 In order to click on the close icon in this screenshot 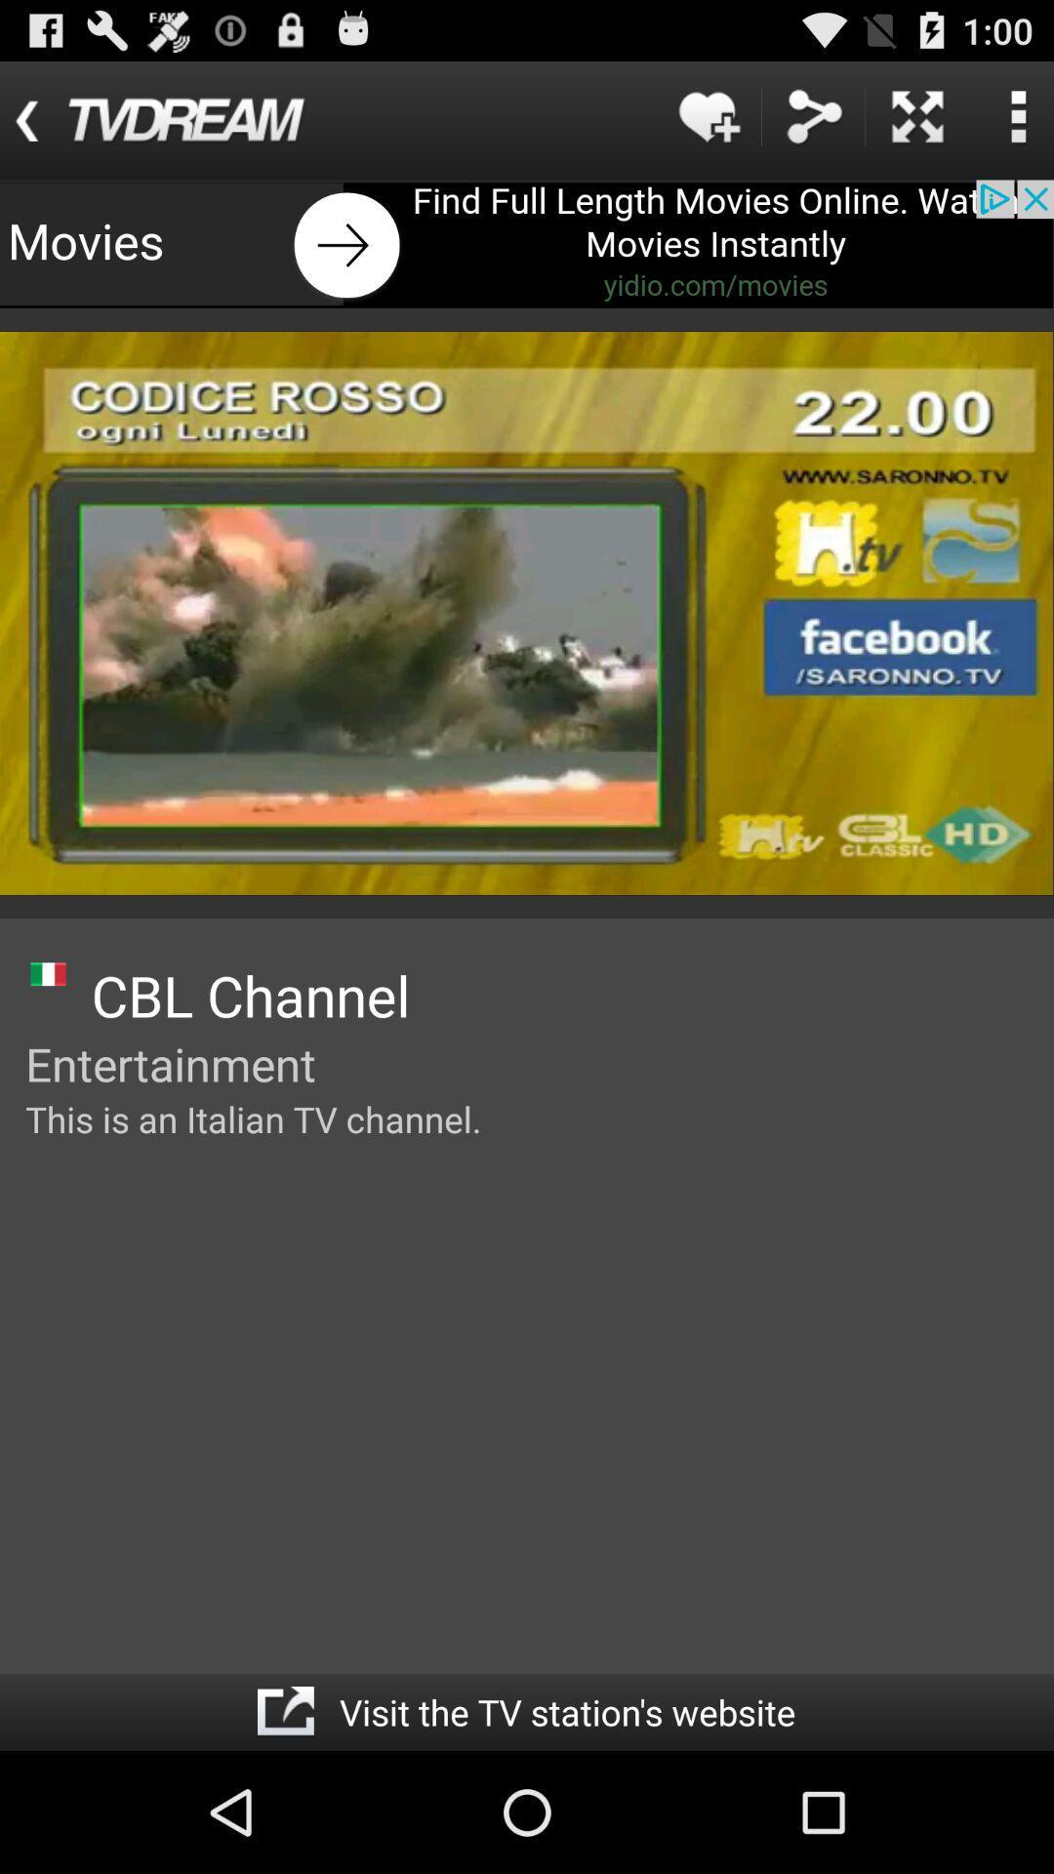, I will do `click(917, 124)`.